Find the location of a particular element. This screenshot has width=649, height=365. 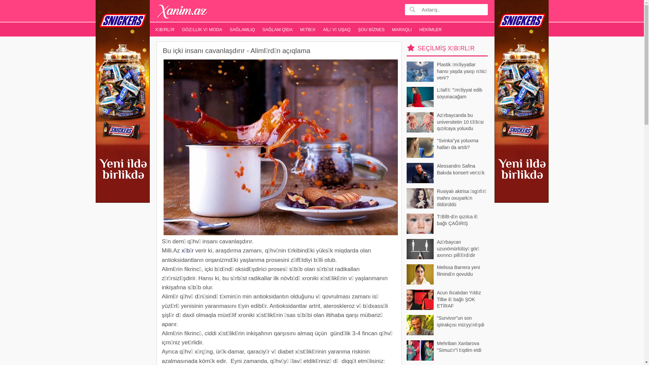

'HEKIMLER' is located at coordinates (430, 29).